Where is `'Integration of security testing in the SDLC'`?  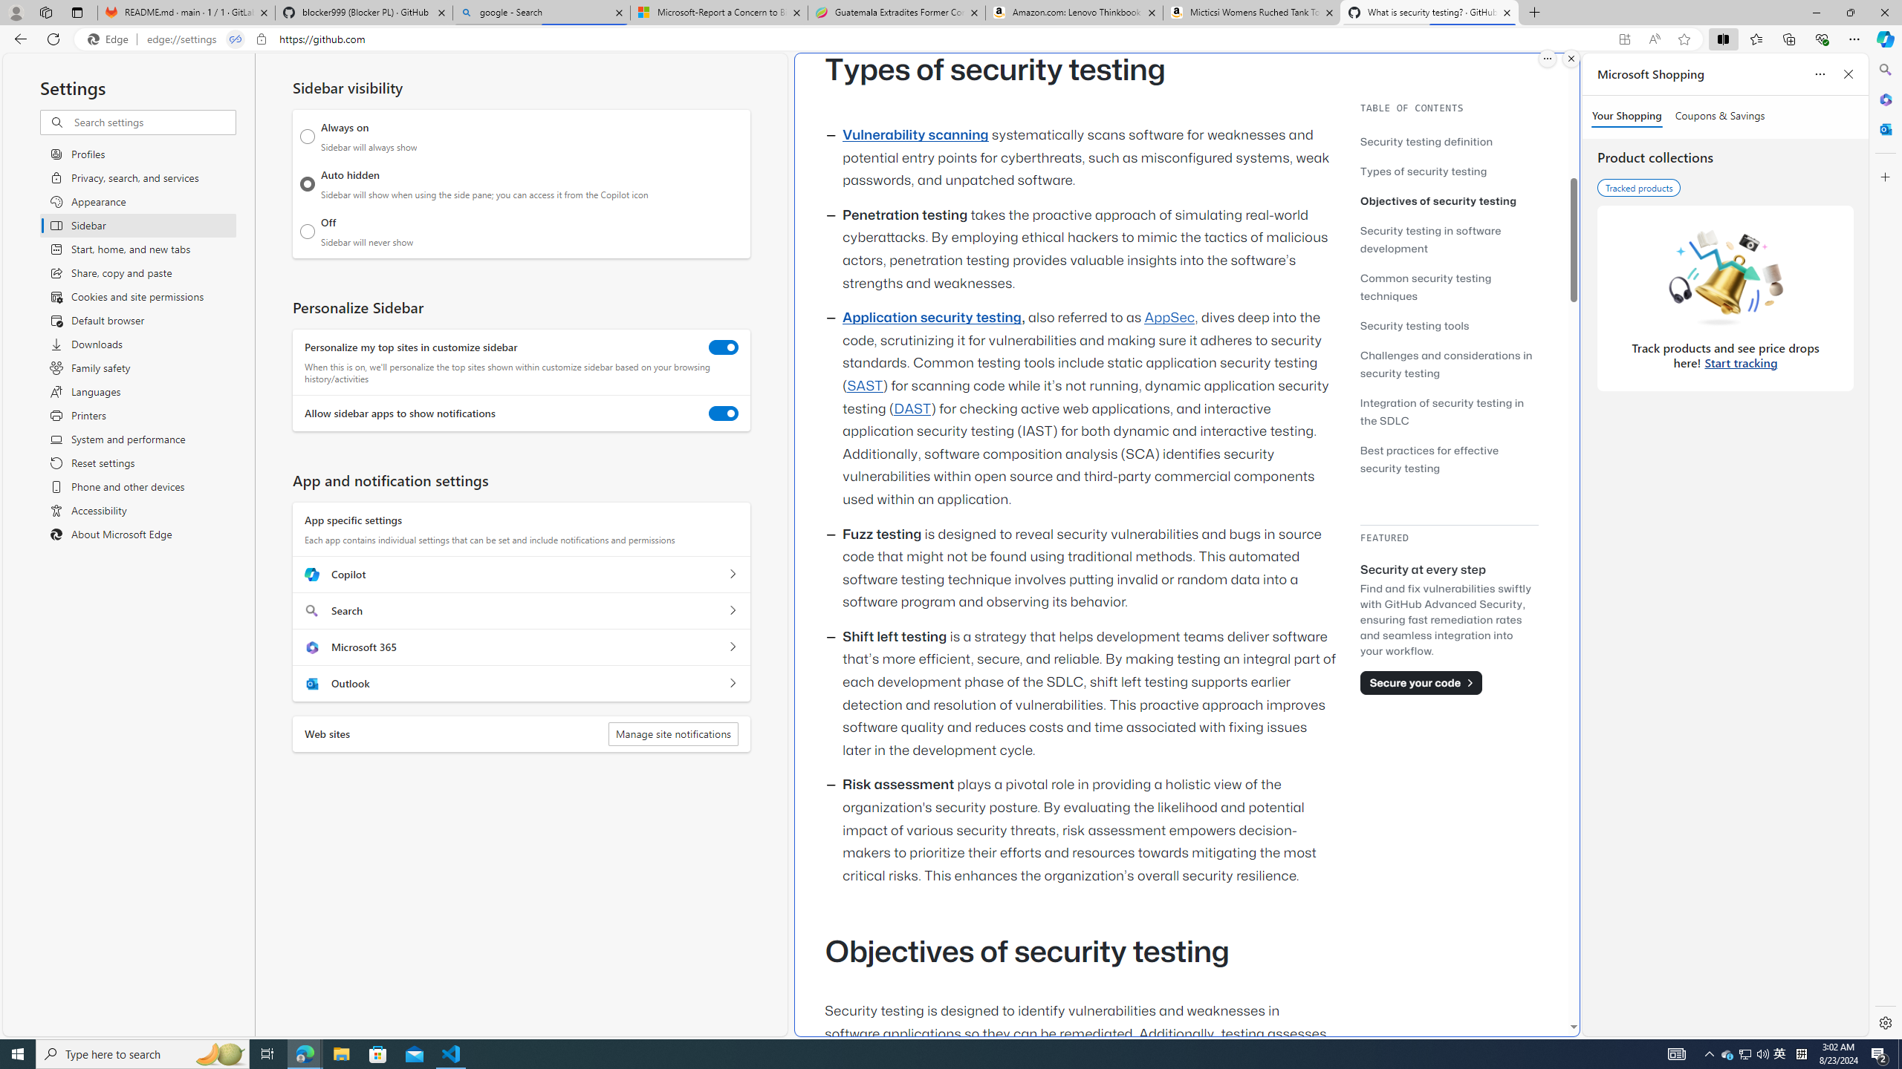 'Integration of security testing in the SDLC' is located at coordinates (1448, 411).